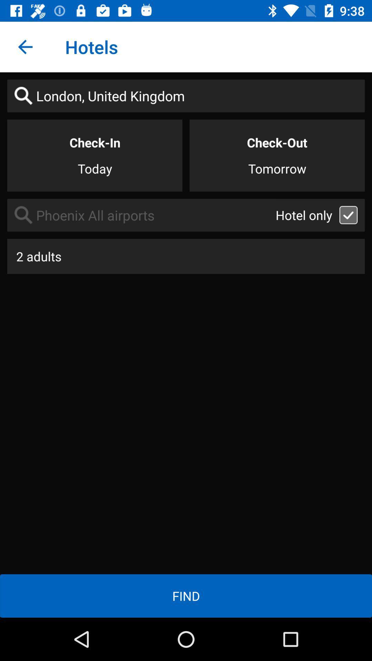 The width and height of the screenshot is (372, 661). I want to click on phoenix all airports, so click(141, 215).